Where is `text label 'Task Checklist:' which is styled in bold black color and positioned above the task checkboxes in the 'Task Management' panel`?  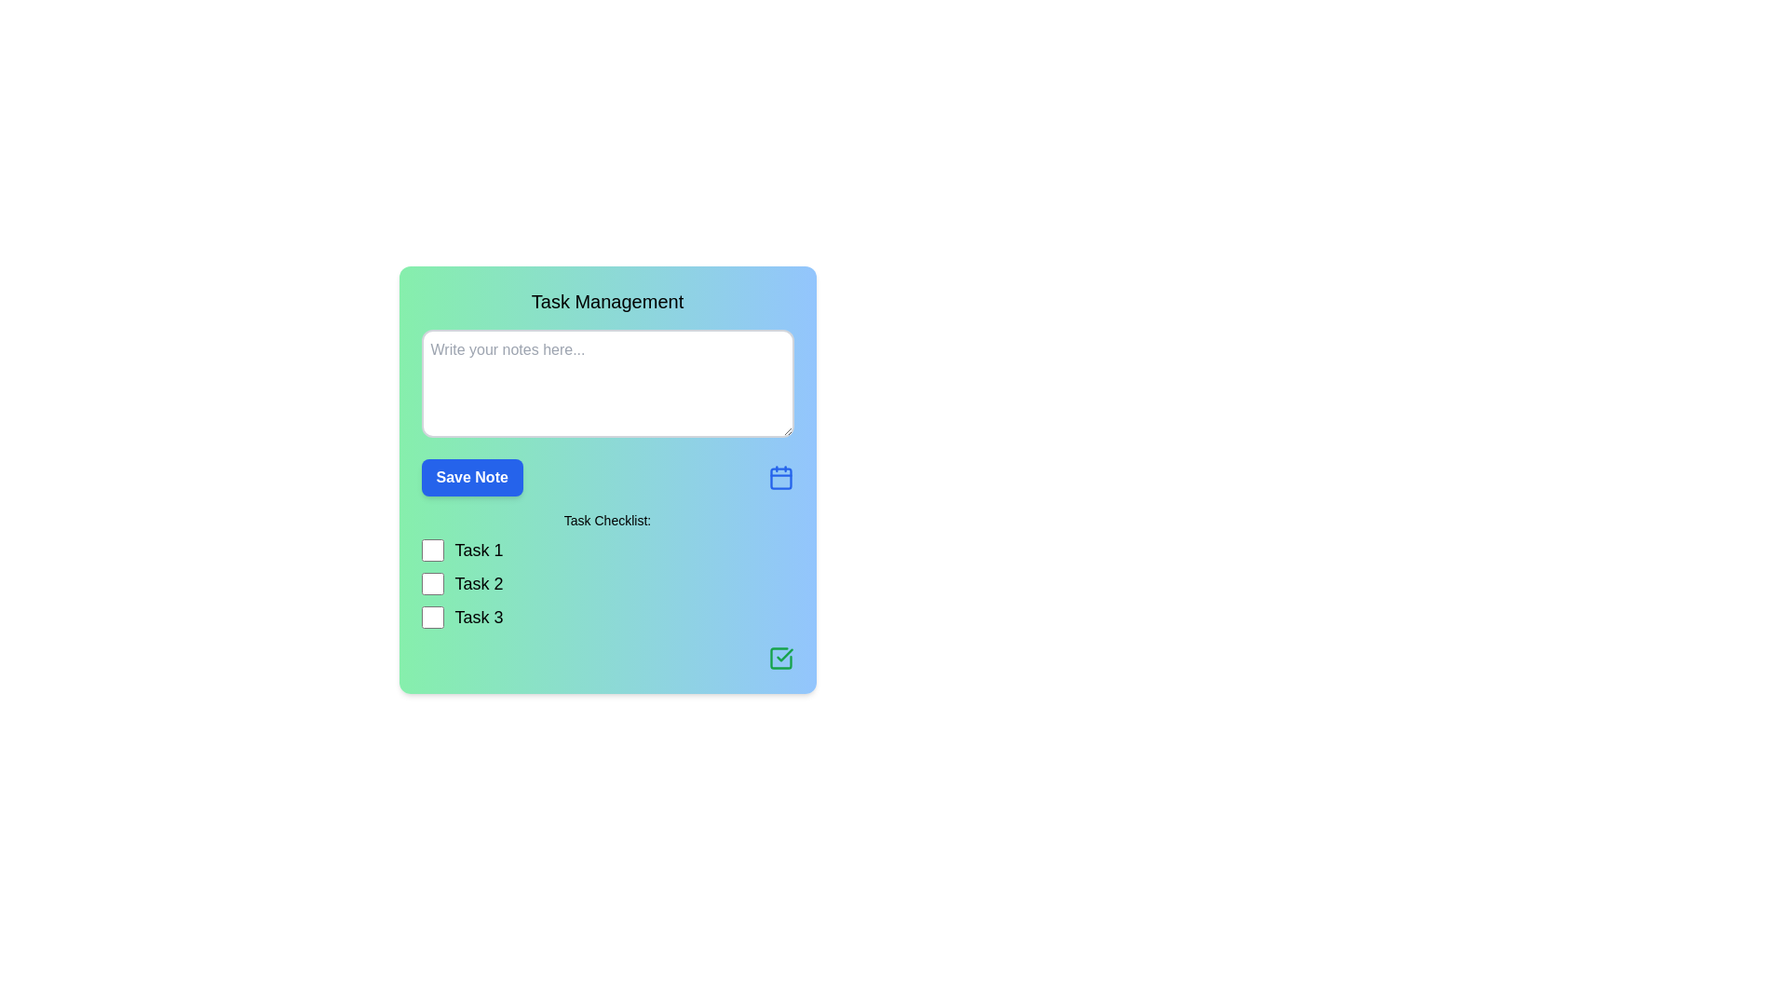 text label 'Task Checklist:' which is styled in bold black color and positioned above the task checkboxes in the 'Task Management' panel is located at coordinates (607, 521).